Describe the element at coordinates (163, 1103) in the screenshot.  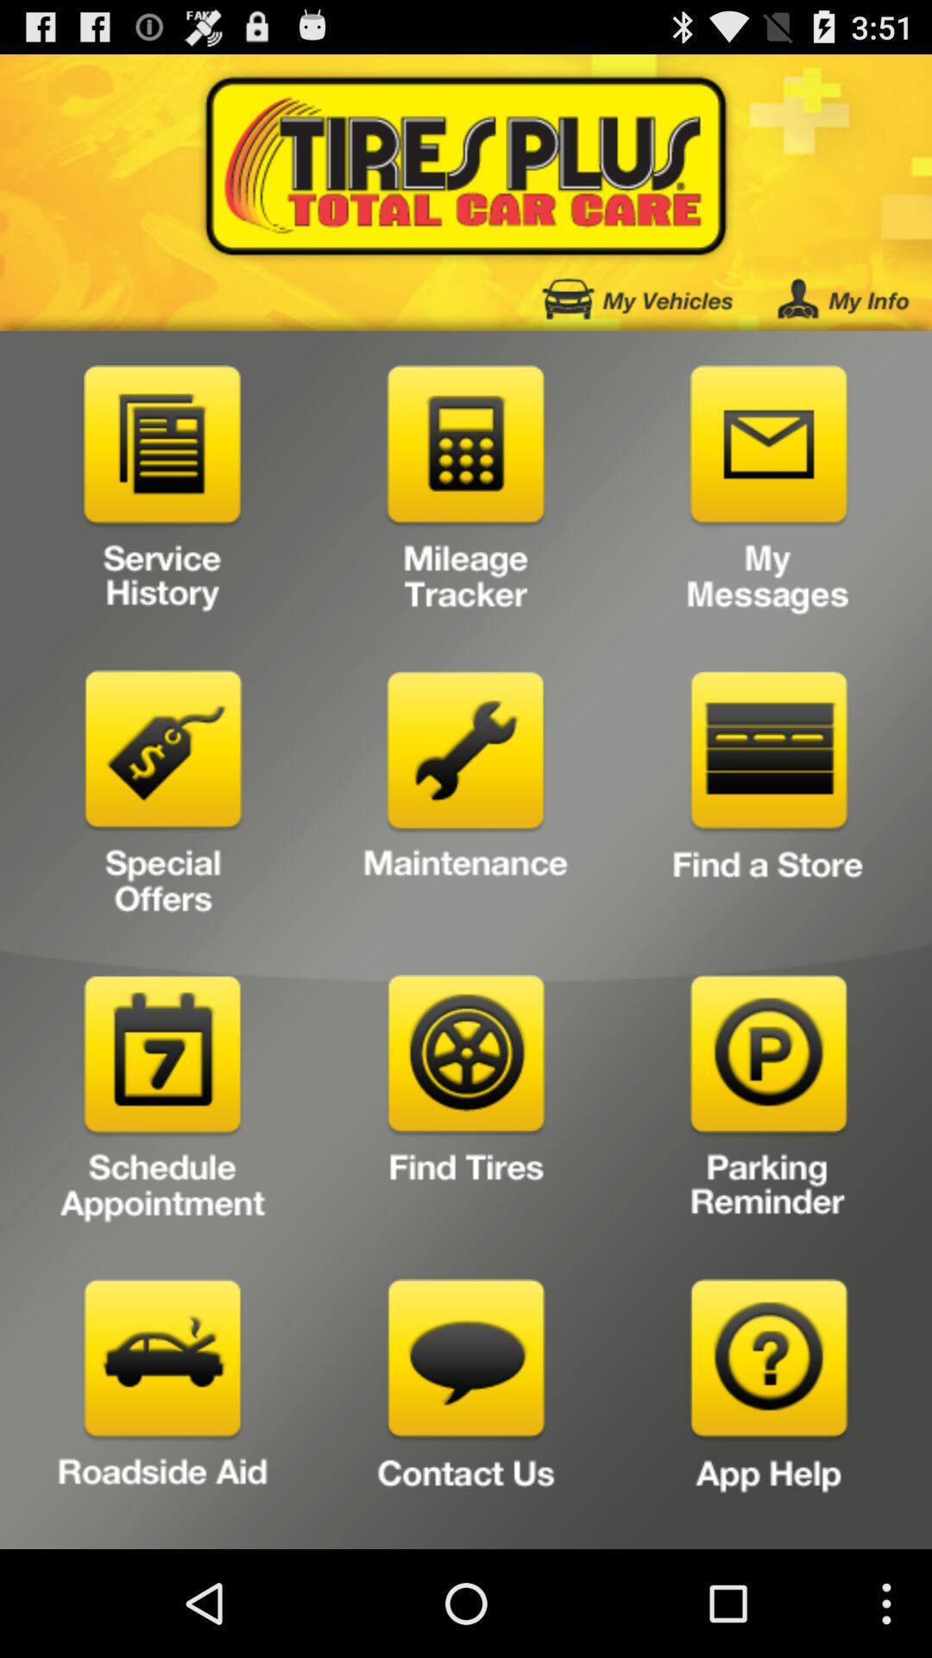
I see `to schedule appointment` at that location.